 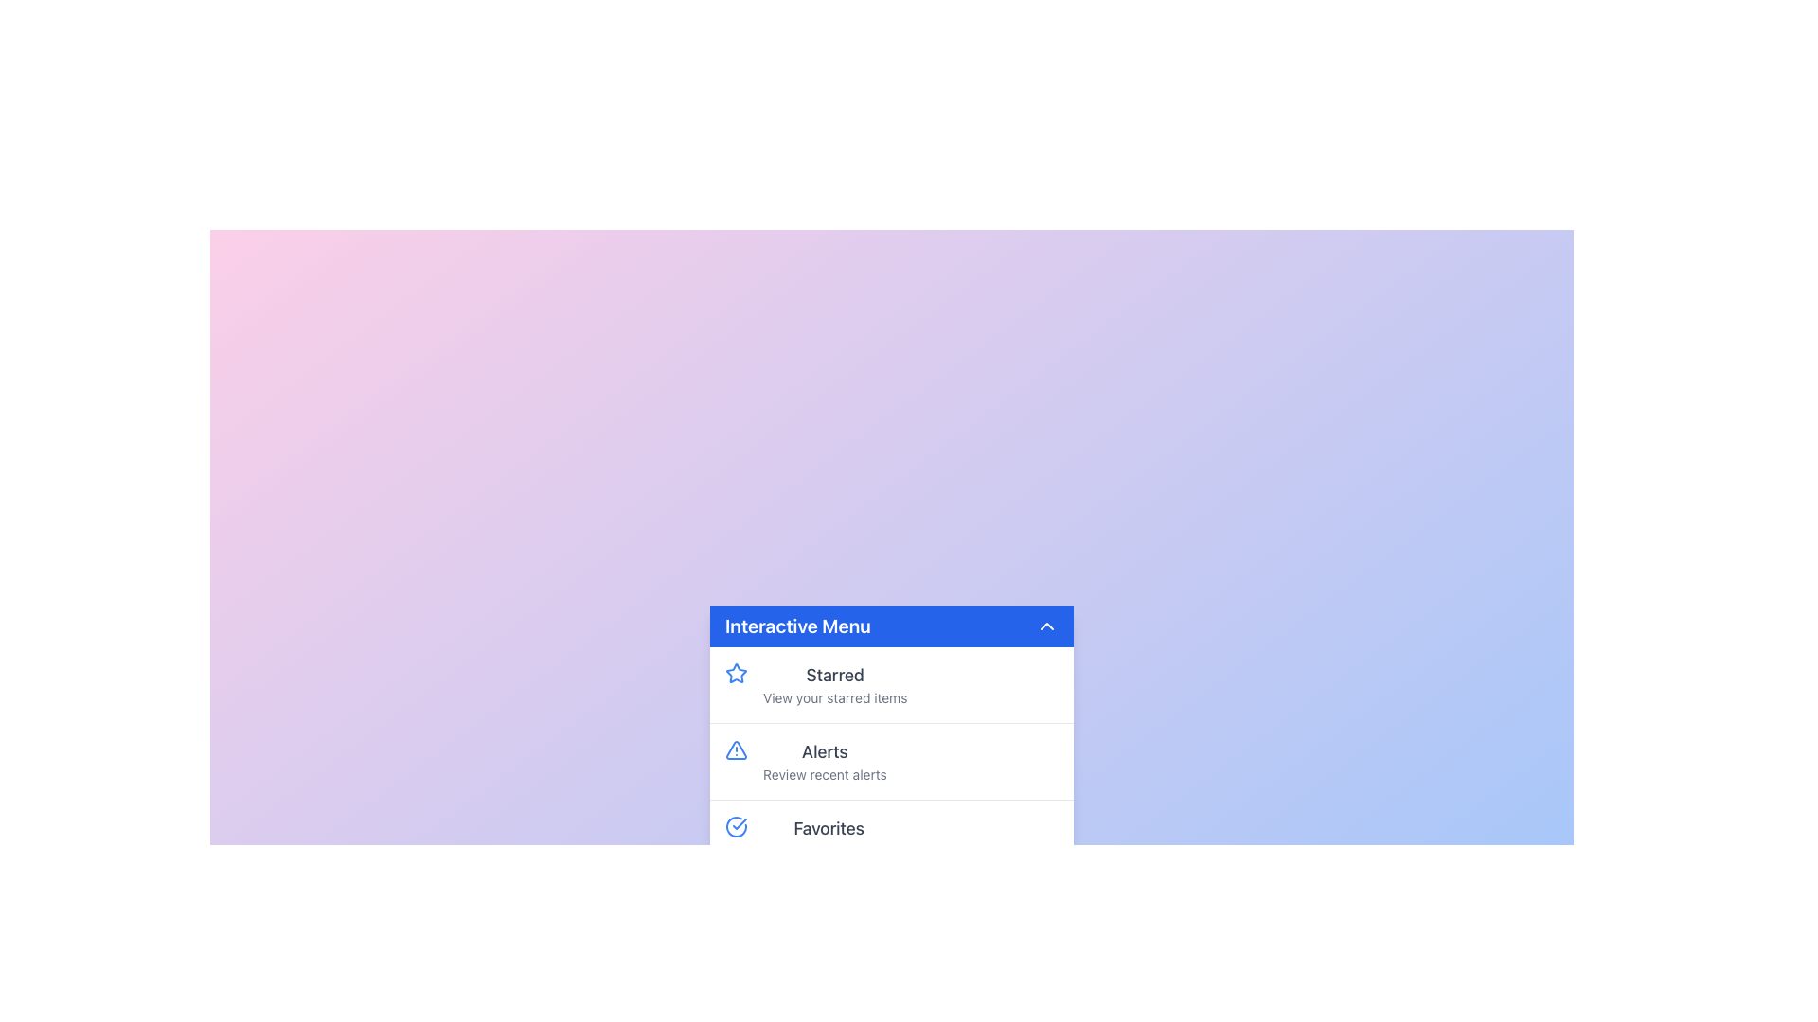 What do you see at coordinates (834, 674) in the screenshot?
I see `the 'Starred' label that indicates a menu item in the 'Interactive Menu'` at bounding box center [834, 674].